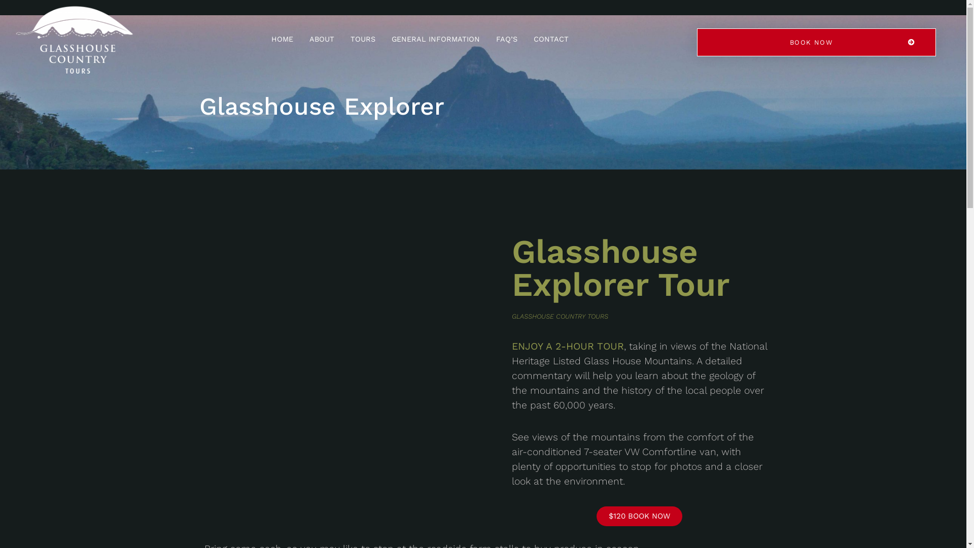 The image size is (974, 548). Describe the element at coordinates (282, 39) in the screenshot. I see `'HOME'` at that location.